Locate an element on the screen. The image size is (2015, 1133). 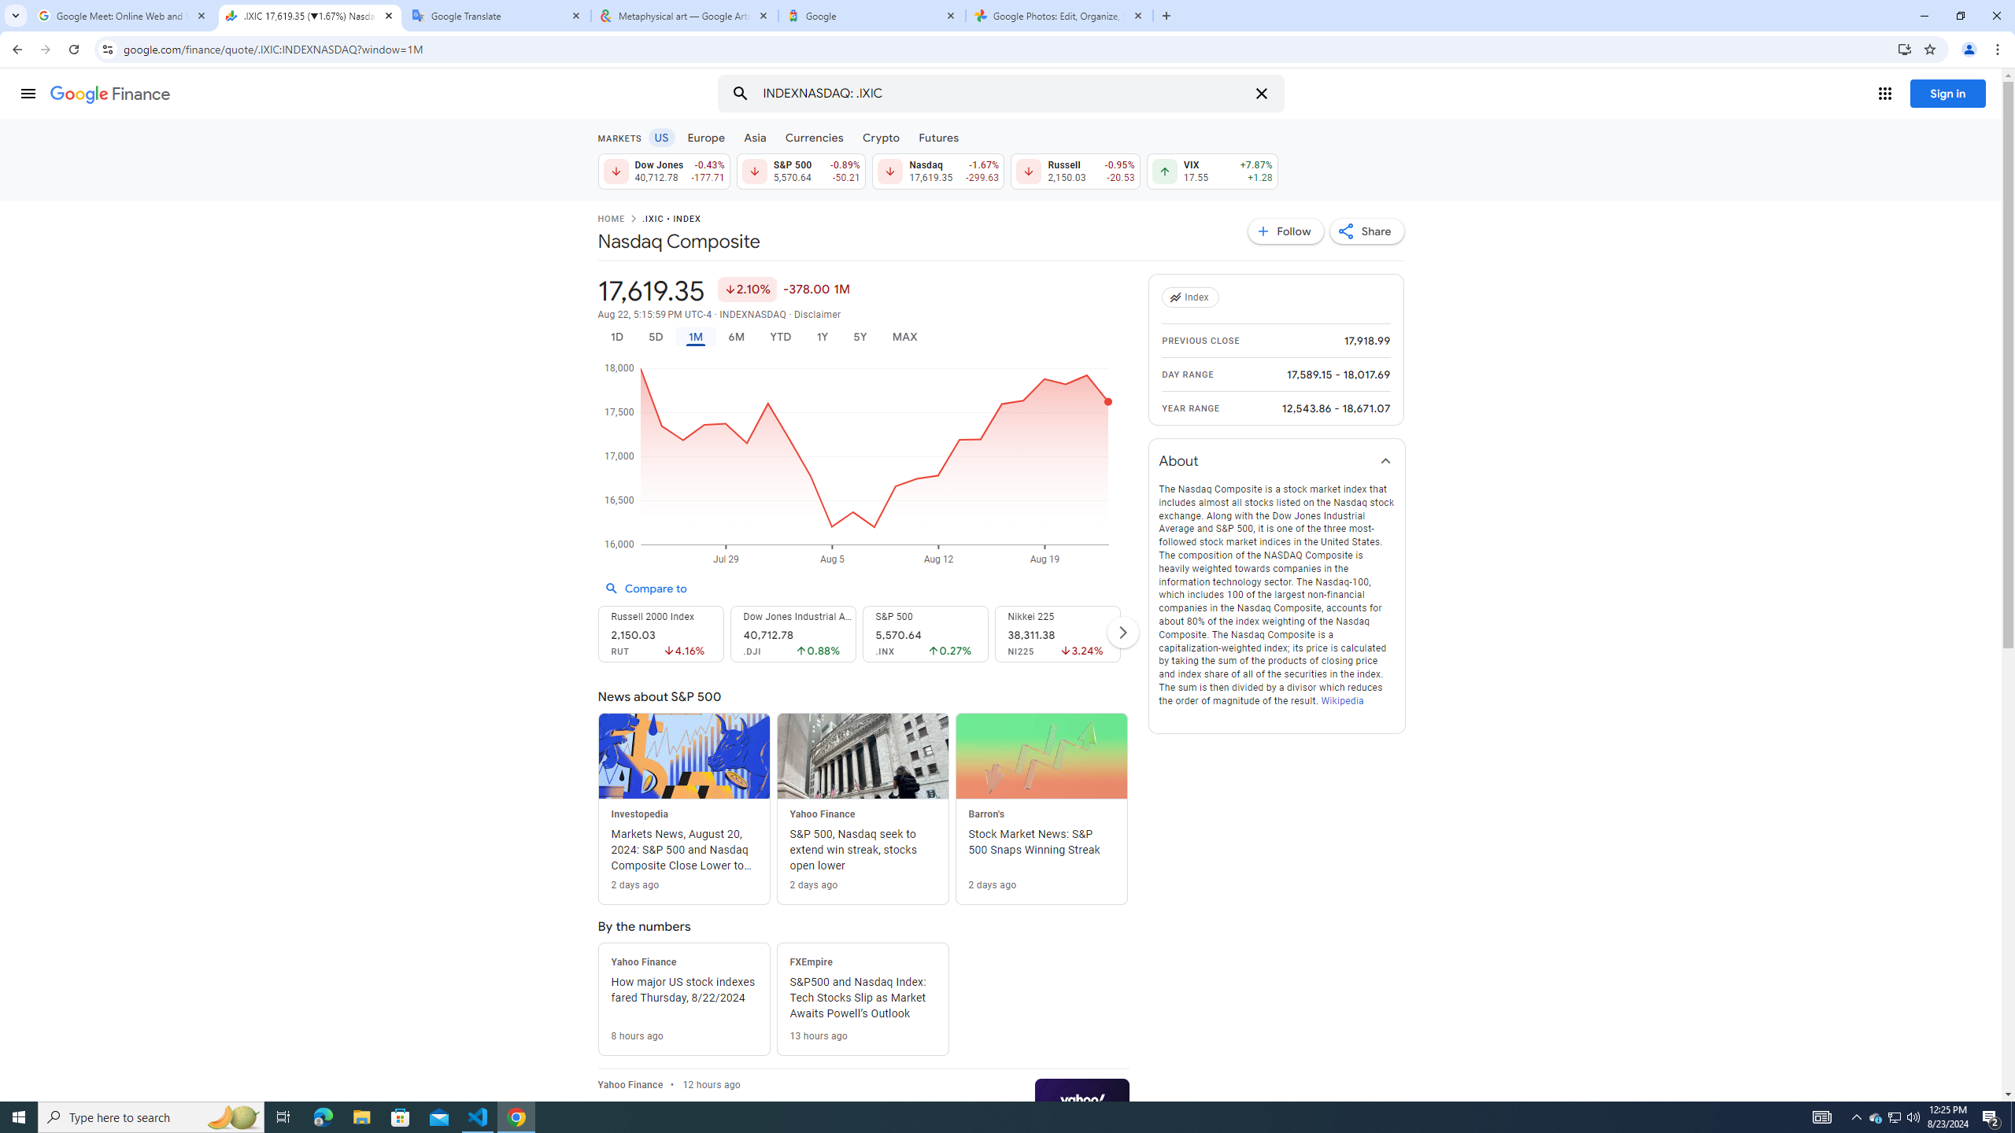
'Share' is located at coordinates (1366, 230).